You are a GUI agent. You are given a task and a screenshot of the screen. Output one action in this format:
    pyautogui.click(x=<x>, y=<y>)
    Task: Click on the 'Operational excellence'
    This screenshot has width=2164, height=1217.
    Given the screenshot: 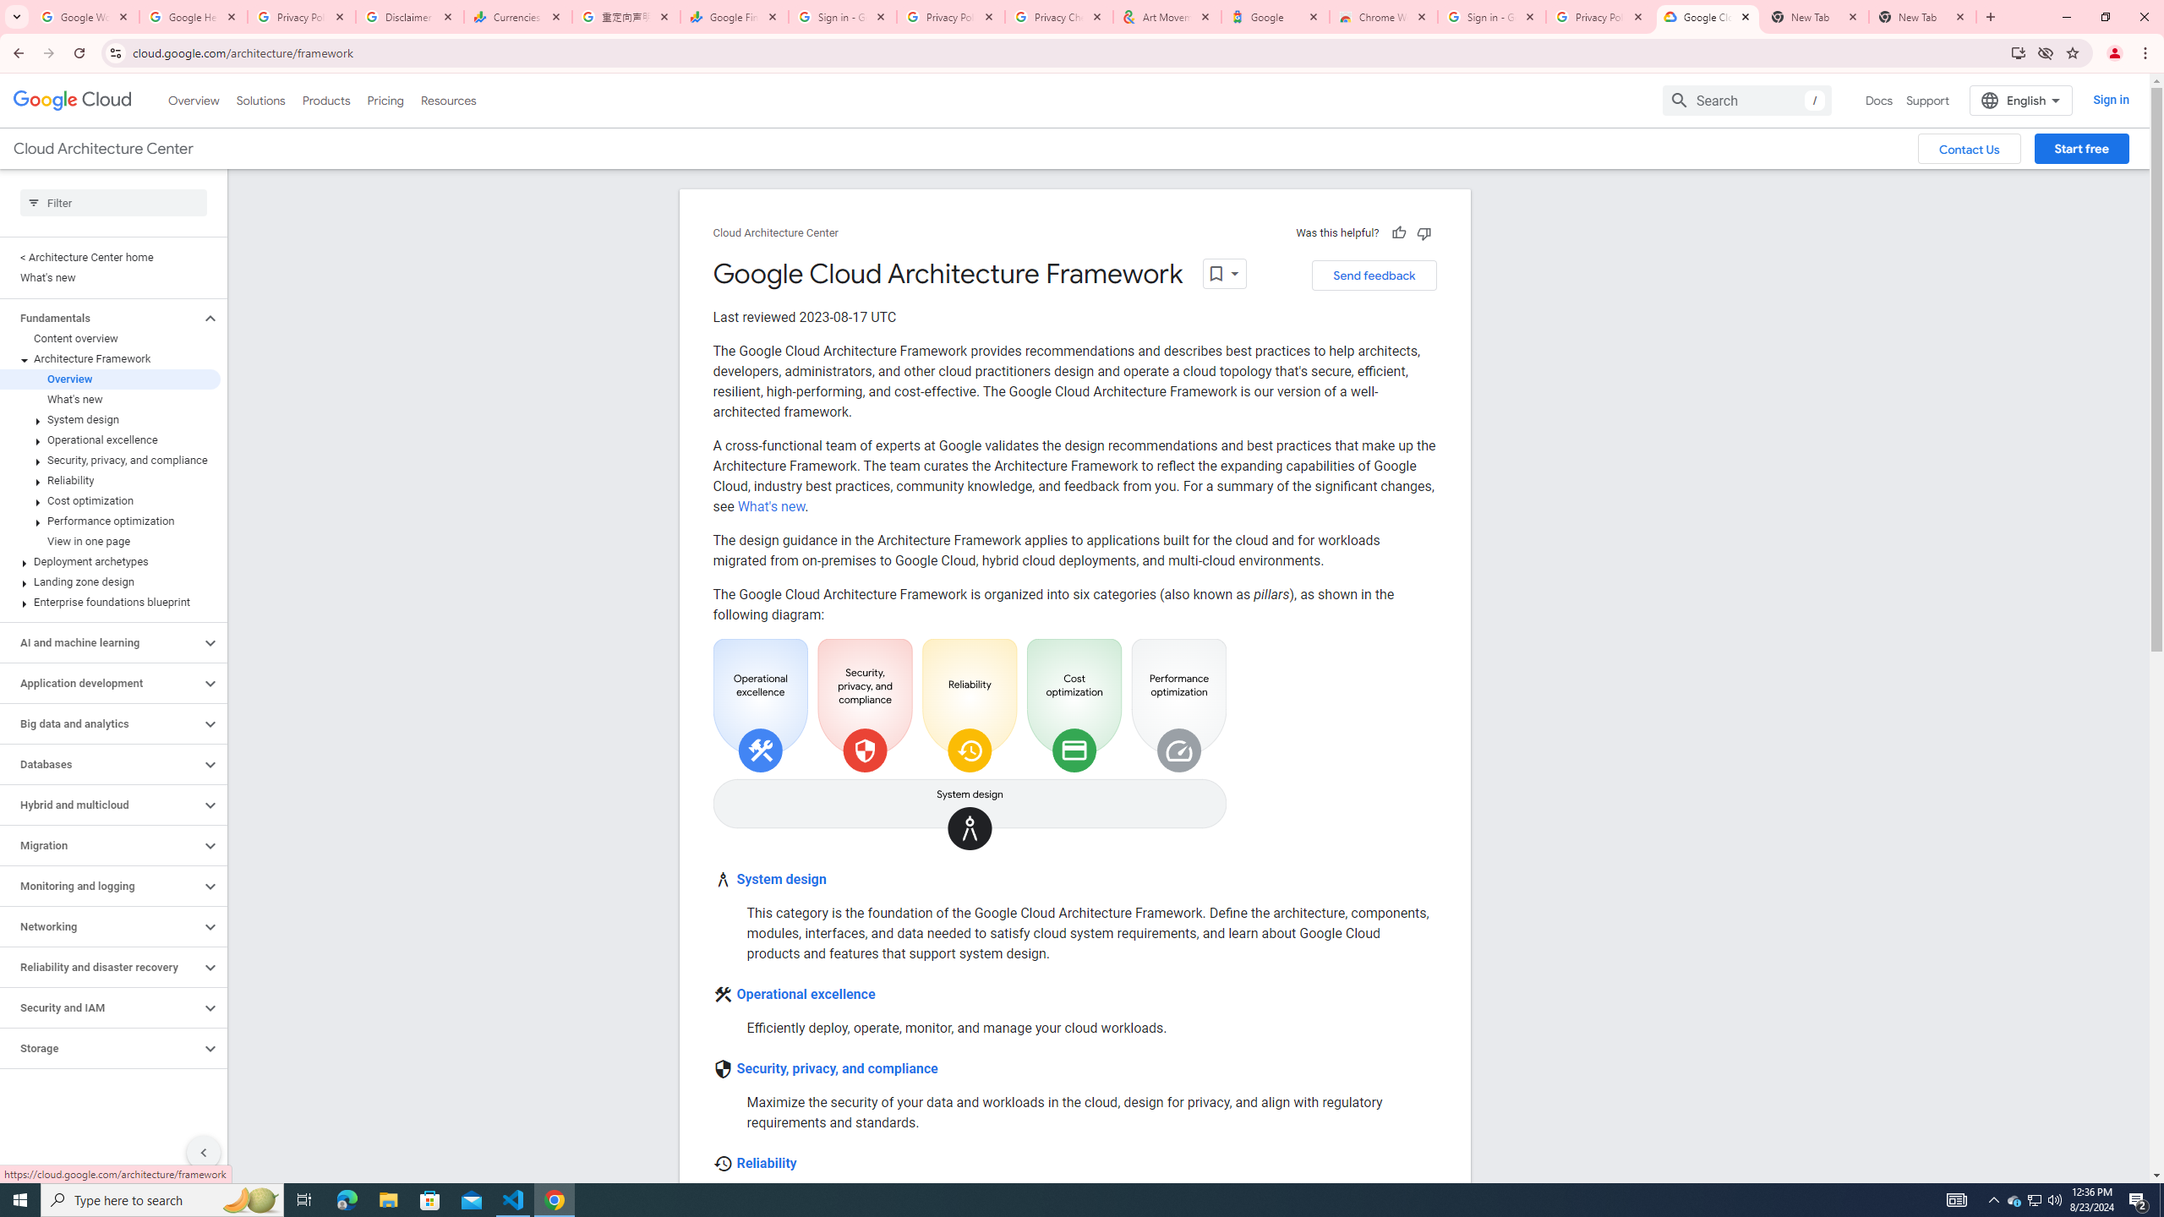 What is the action you would take?
    pyautogui.click(x=806, y=993)
    